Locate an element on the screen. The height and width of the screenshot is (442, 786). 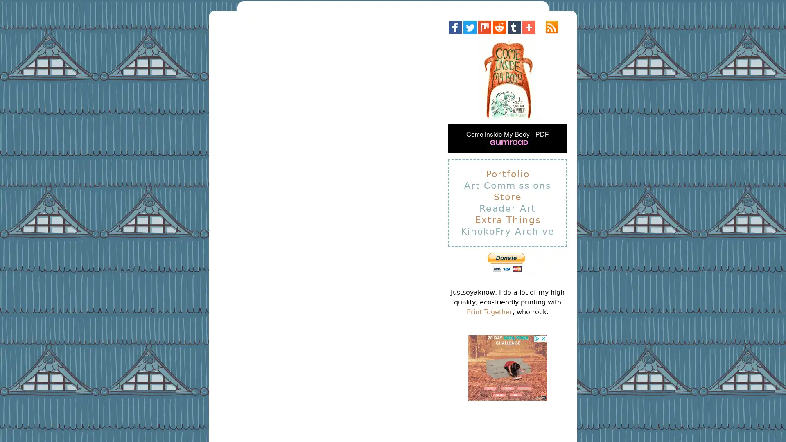
PayPal - The safer, easier way to pay online. is located at coordinates (506, 262).